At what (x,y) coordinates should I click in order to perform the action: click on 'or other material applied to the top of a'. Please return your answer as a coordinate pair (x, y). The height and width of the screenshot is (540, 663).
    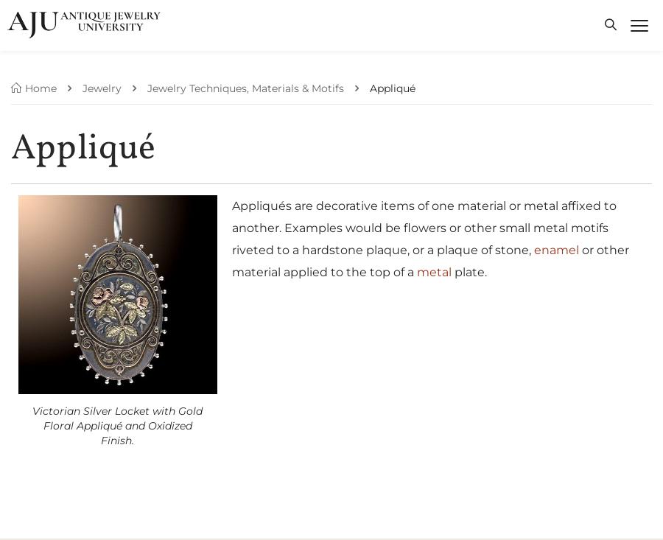
    Looking at the image, I should click on (429, 259).